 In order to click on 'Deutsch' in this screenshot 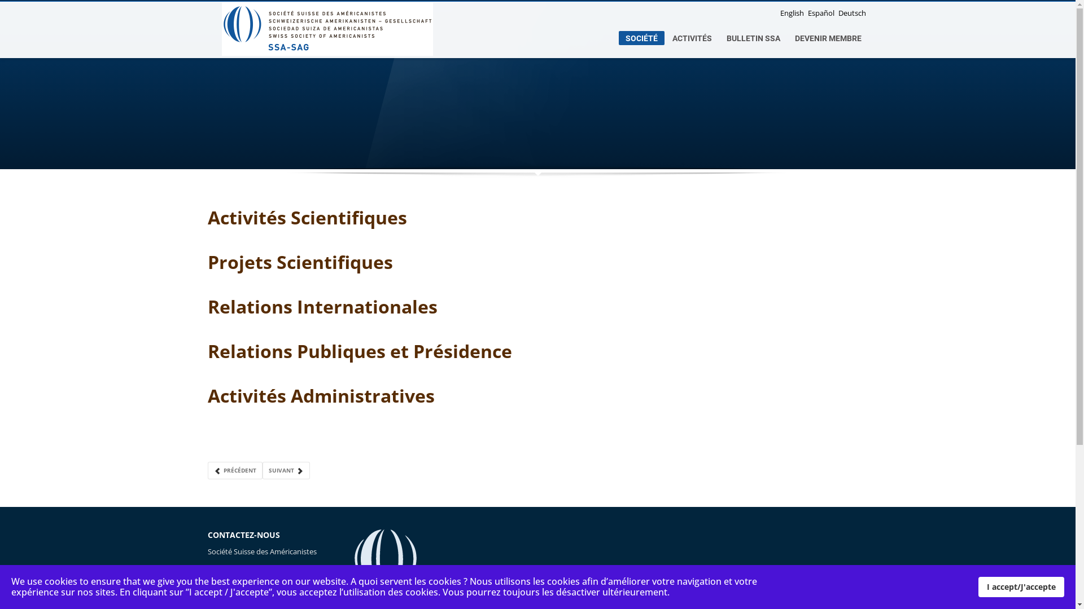, I will do `click(851, 13)`.